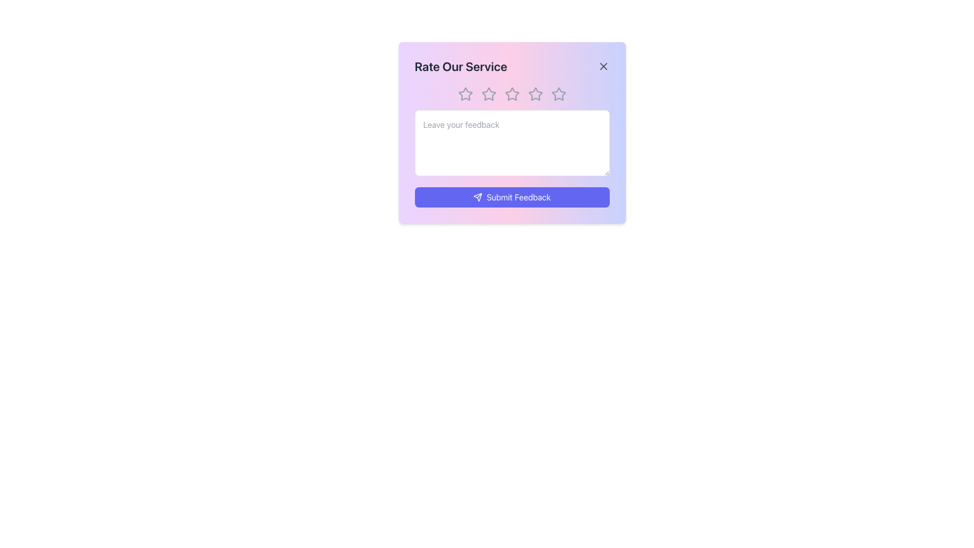  I want to click on the second star icon, so click(489, 94).